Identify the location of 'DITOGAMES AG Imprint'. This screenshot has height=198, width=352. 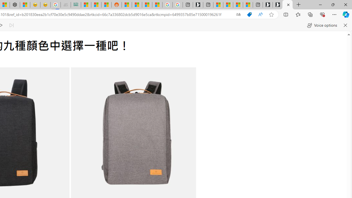
(76, 5).